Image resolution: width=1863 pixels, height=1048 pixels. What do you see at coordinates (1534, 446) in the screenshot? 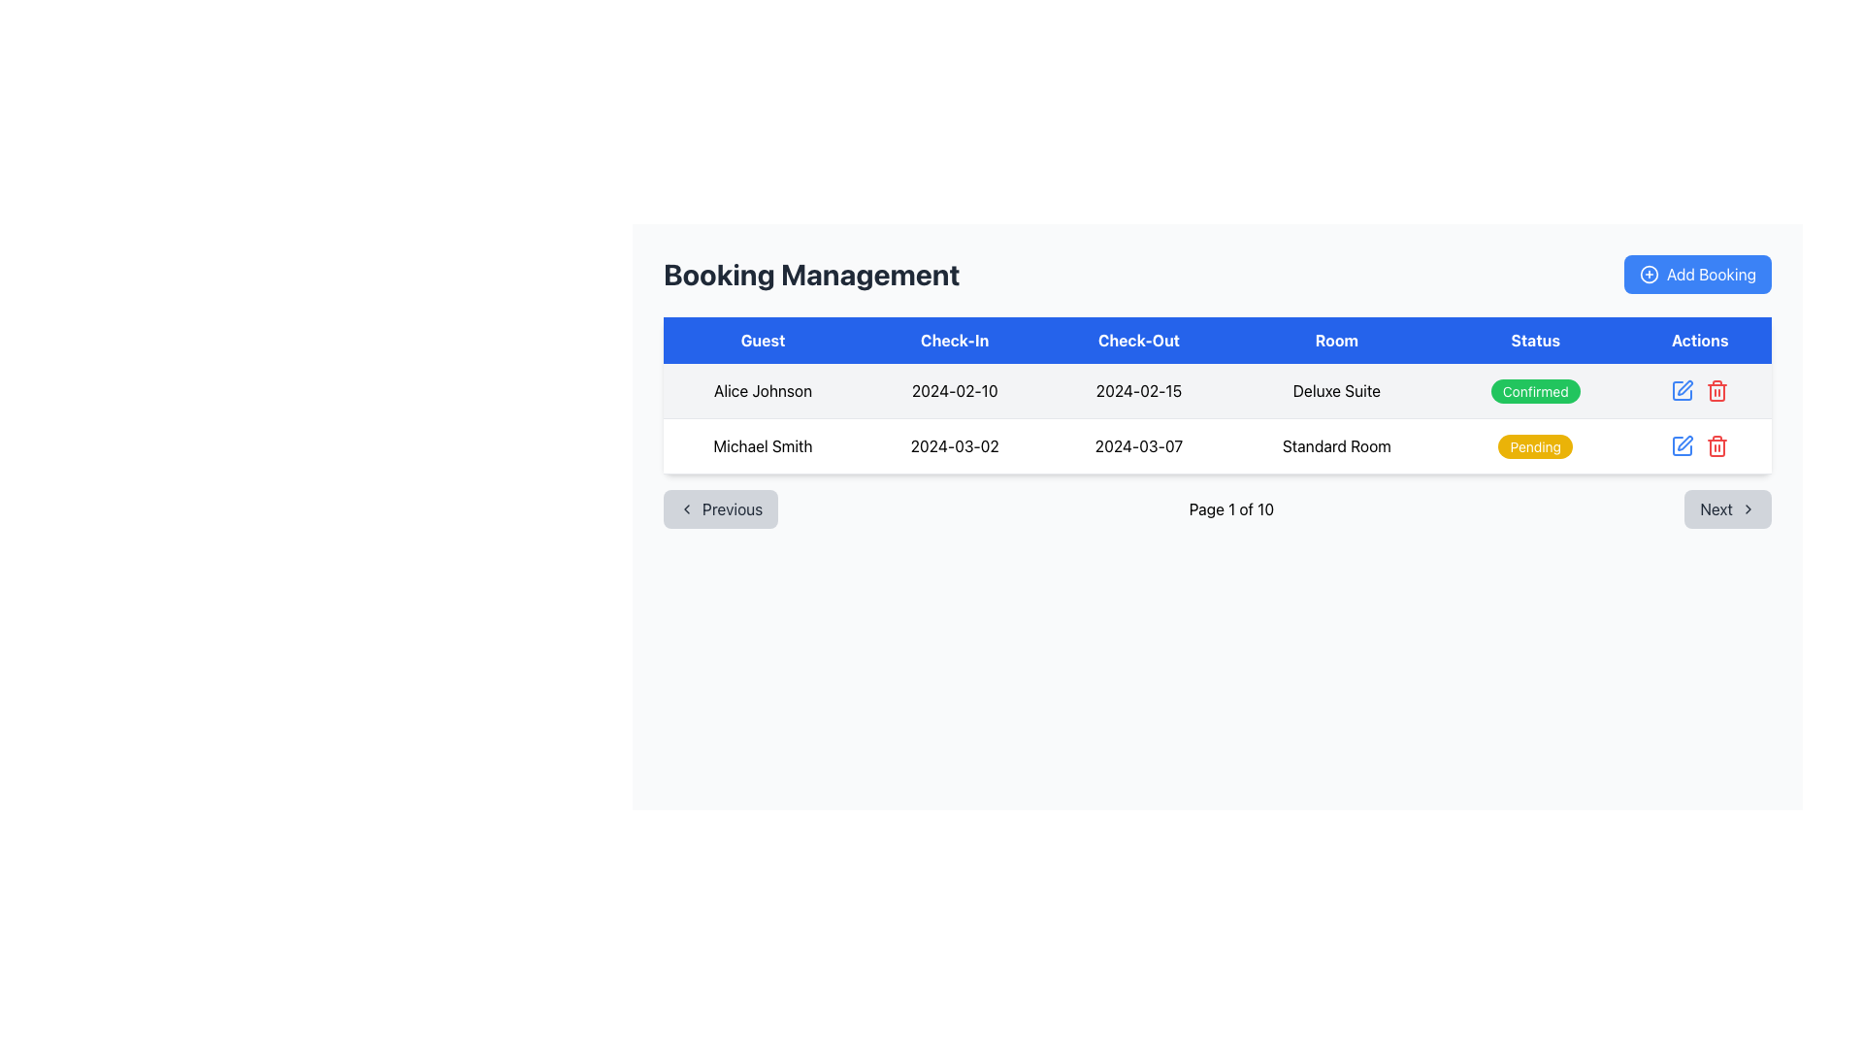
I see `the 'Pending' status badge, which is a rounded yellow badge with white text, located in the 'Status' column of the second row in the table` at bounding box center [1534, 446].